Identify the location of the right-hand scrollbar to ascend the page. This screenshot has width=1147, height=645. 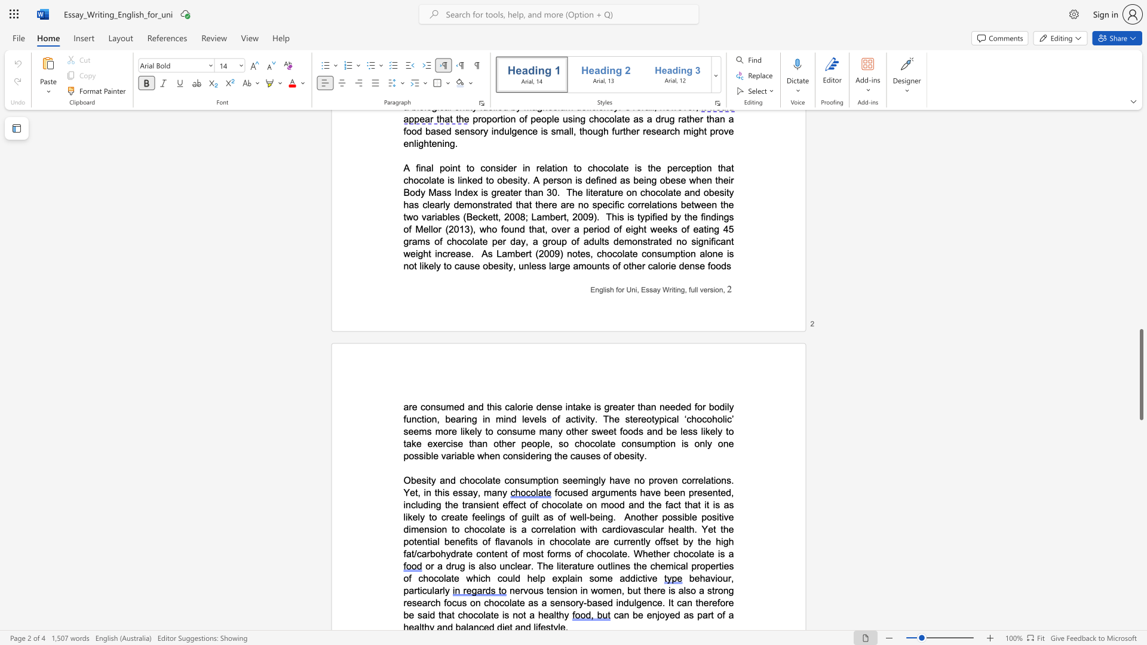
(1140, 322).